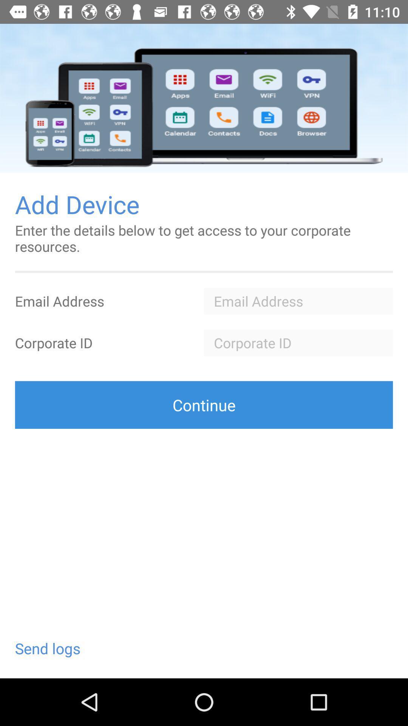 The image size is (408, 726). I want to click on email input field, so click(298, 301).